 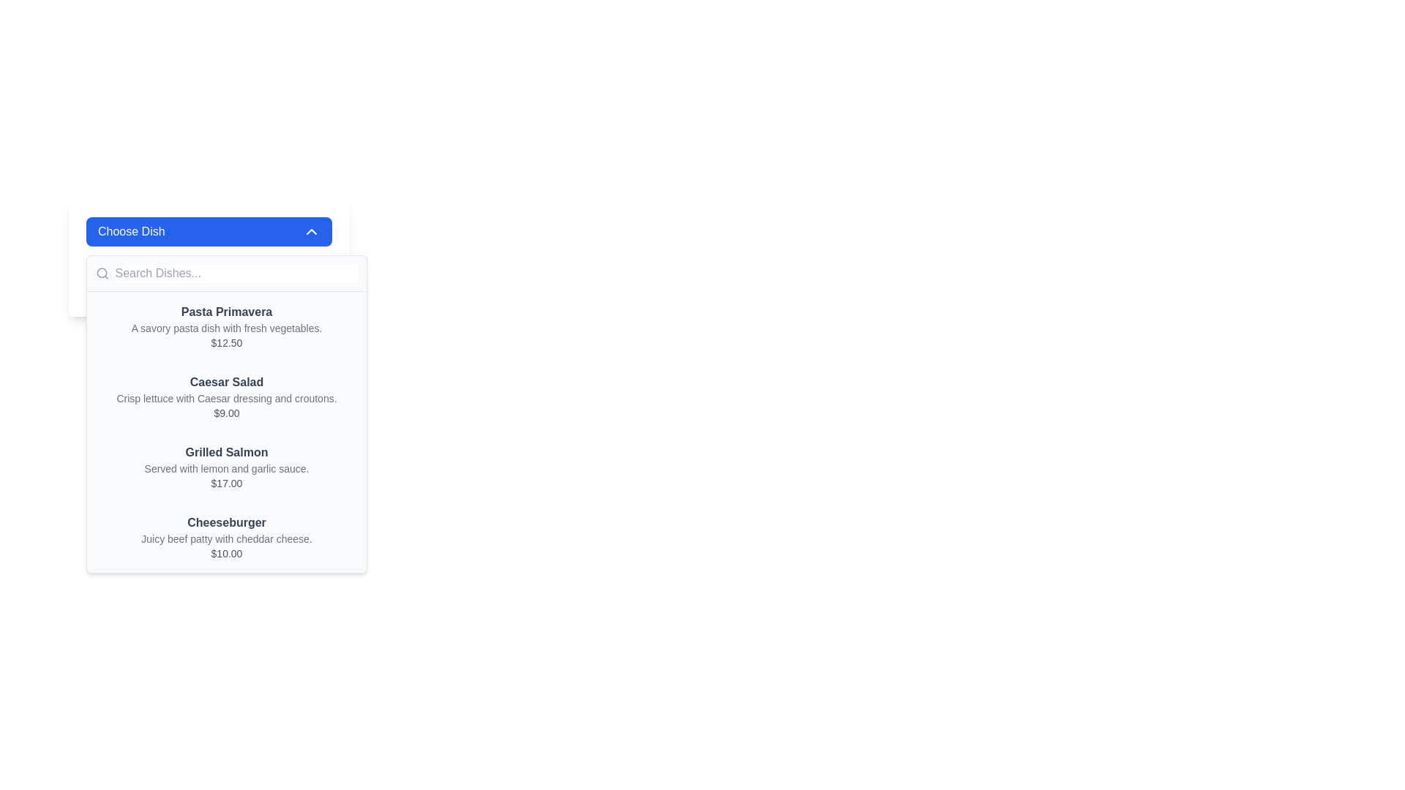 What do you see at coordinates (209, 230) in the screenshot?
I see `the 'Choose Dish' button with a blue background and white text for accessibility navigation` at bounding box center [209, 230].